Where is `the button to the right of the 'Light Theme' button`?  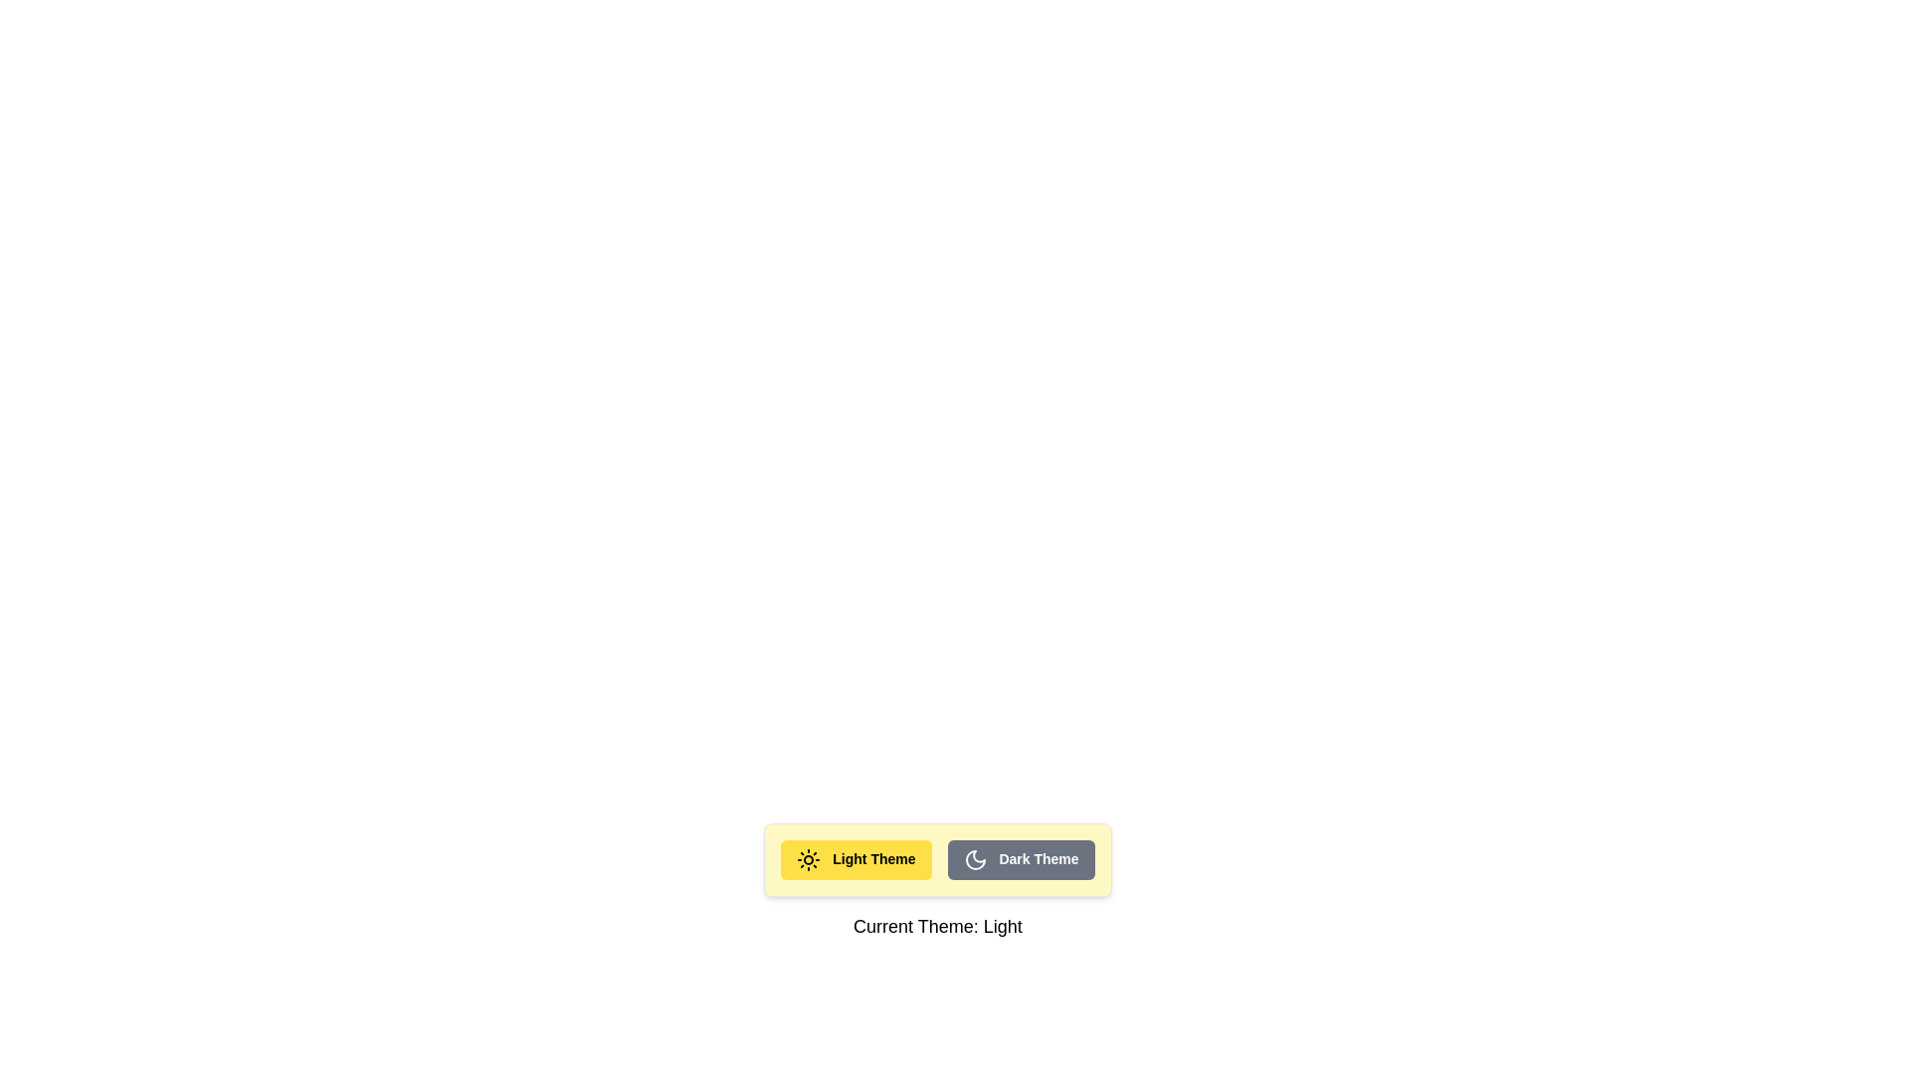
the button to the right of the 'Light Theme' button is located at coordinates (1021, 858).